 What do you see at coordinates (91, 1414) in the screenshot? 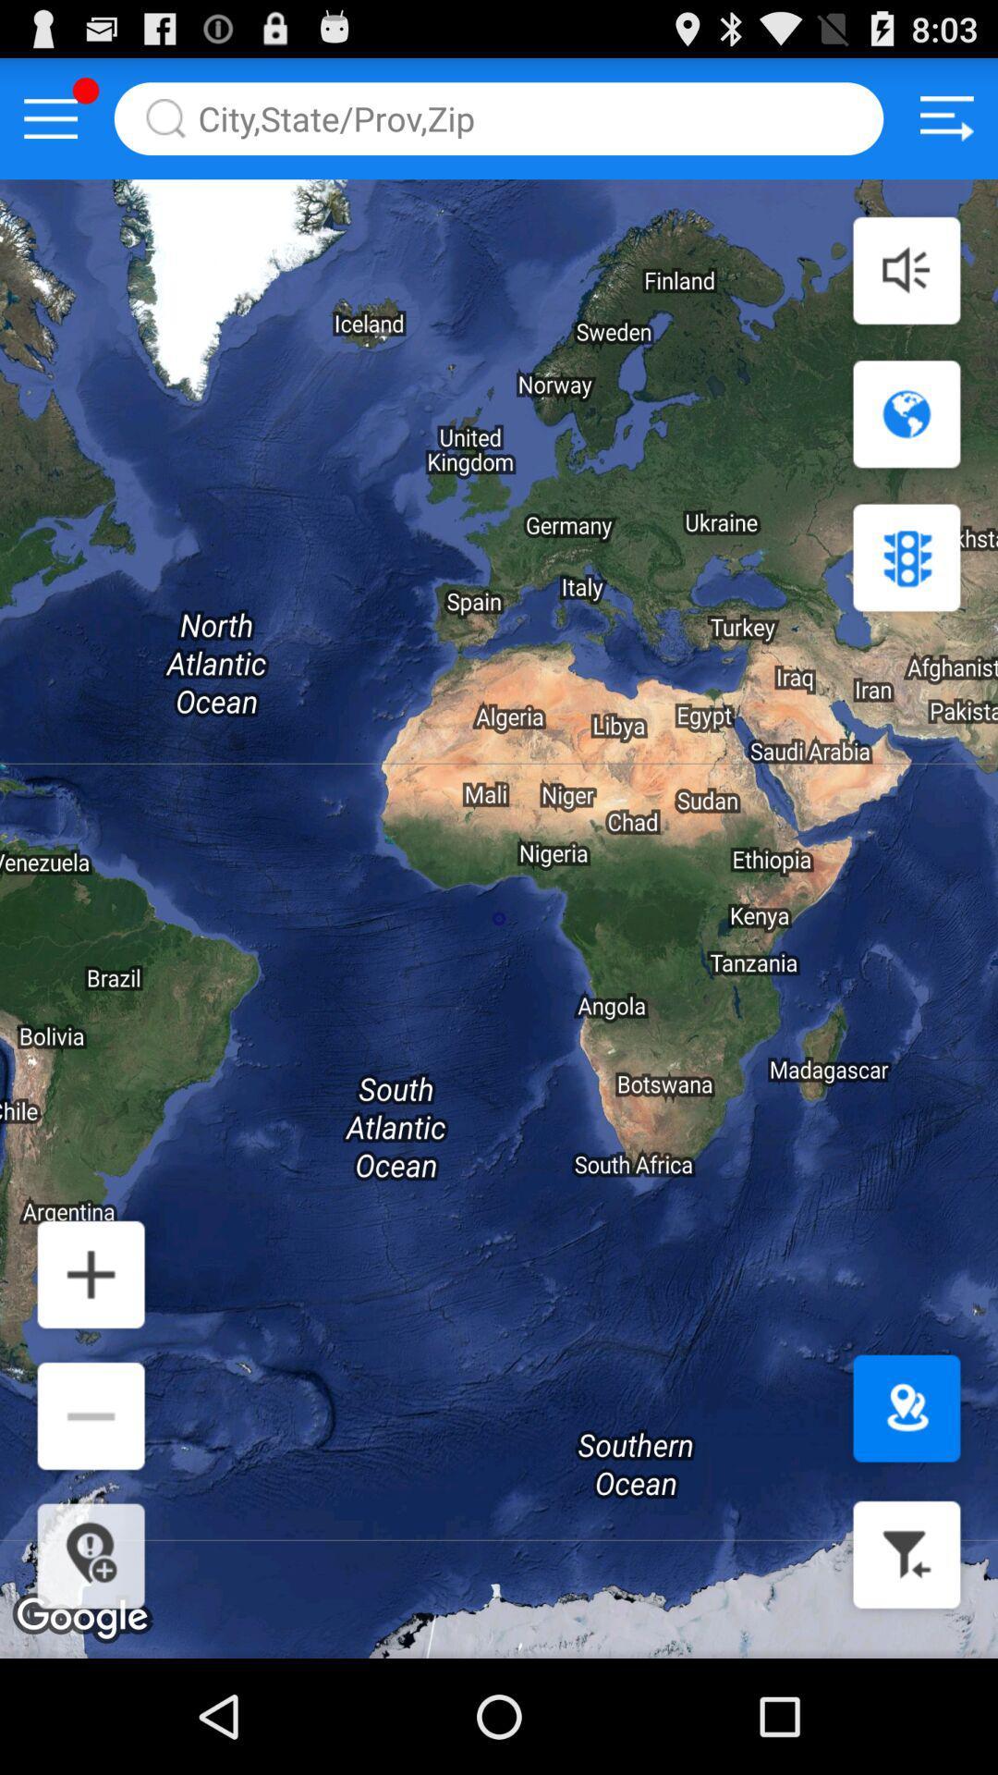
I see `zoom out map` at bounding box center [91, 1414].